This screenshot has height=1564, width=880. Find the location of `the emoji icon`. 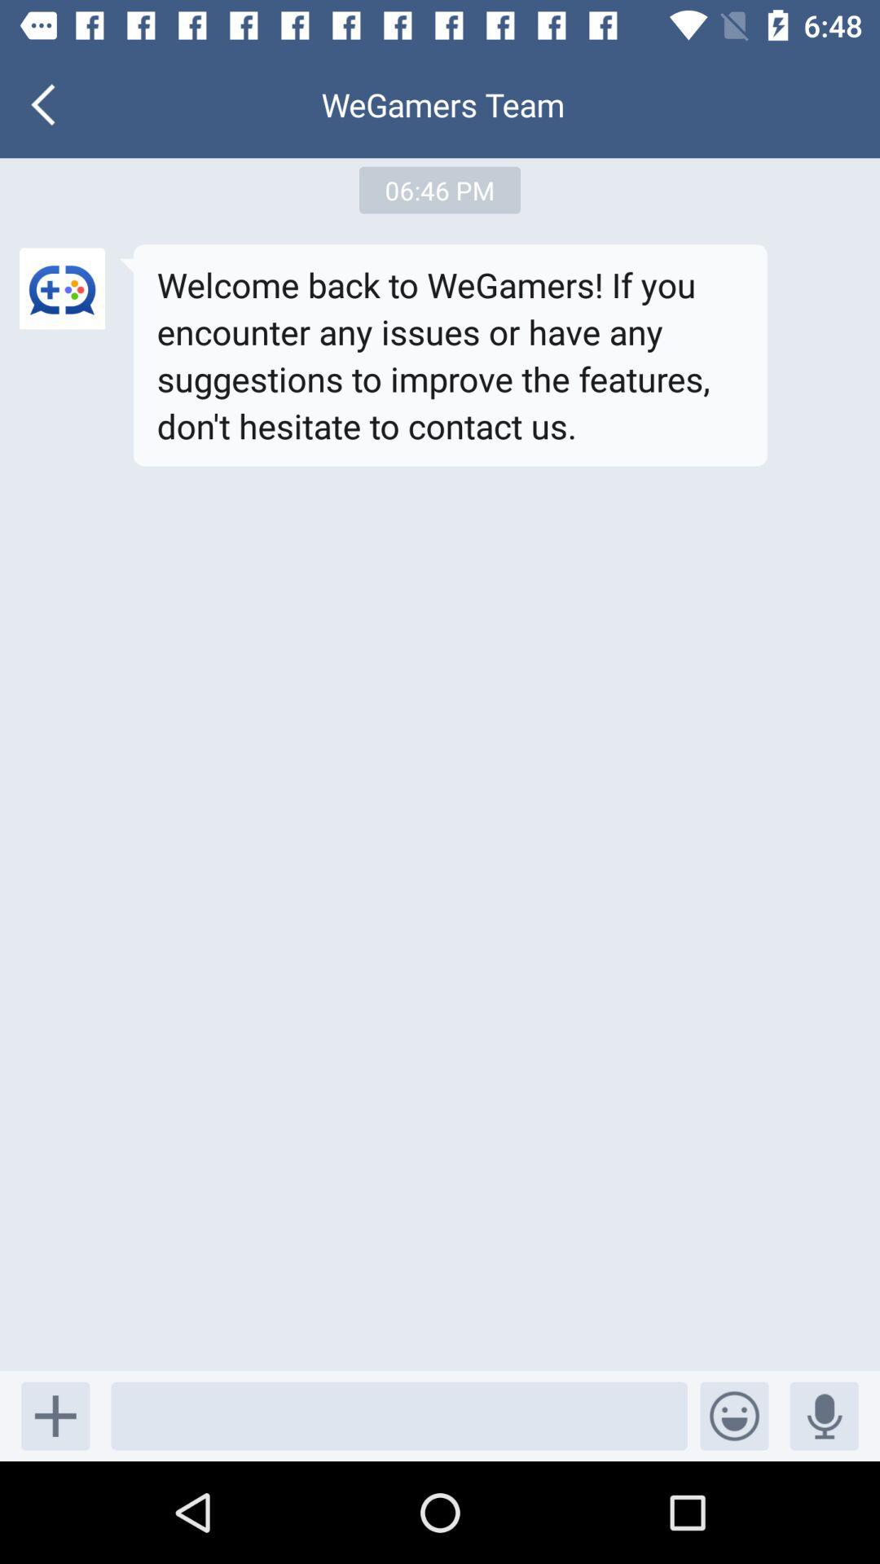

the emoji icon is located at coordinates (734, 1415).